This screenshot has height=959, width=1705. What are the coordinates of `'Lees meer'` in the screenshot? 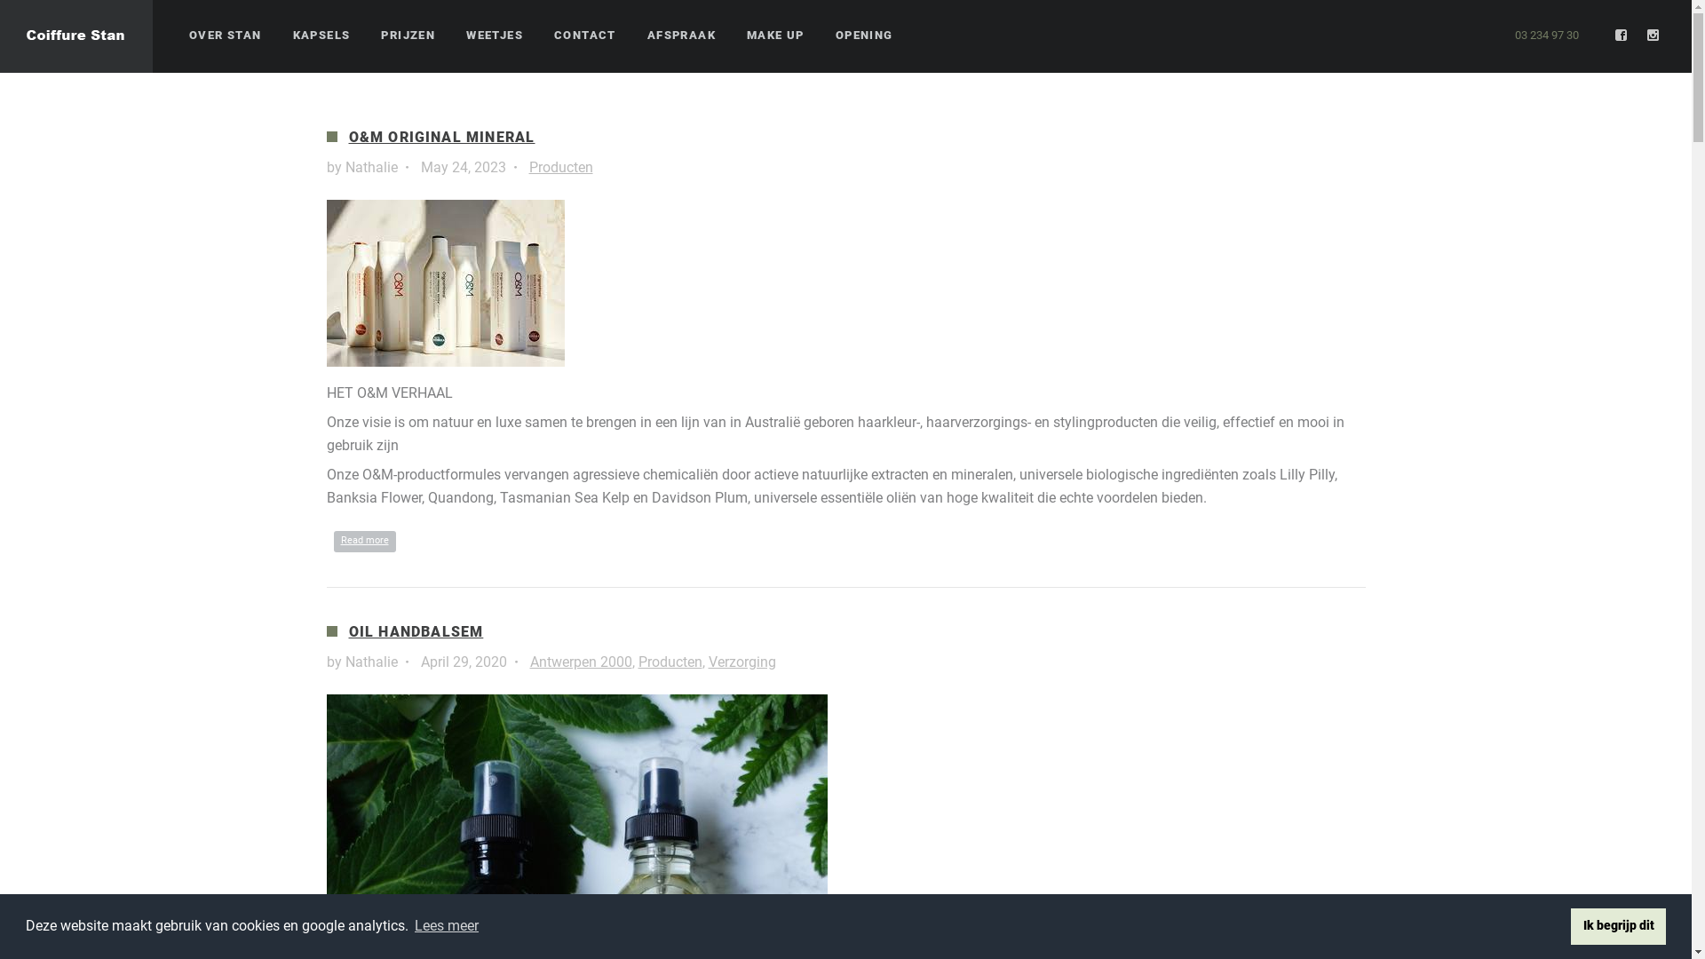 It's located at (447, 924).